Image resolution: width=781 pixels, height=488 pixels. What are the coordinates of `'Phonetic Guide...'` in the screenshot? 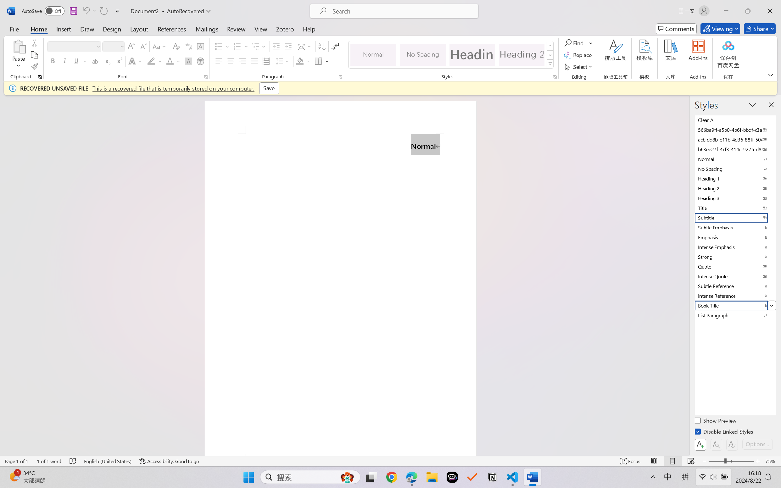 It's located at (188, 46).